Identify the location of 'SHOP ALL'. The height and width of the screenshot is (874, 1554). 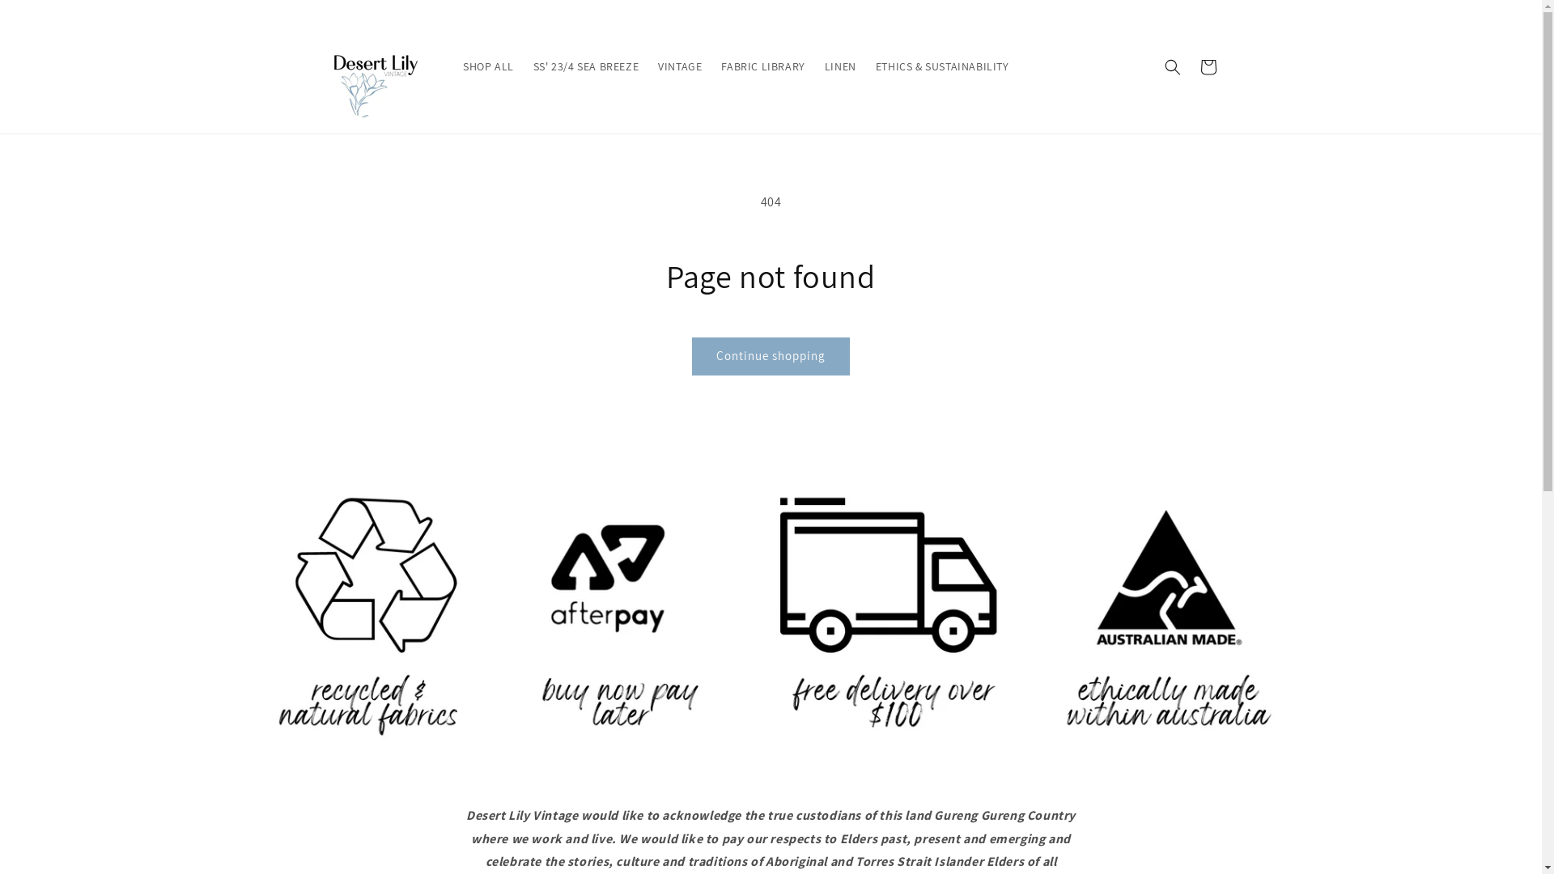
(487, 65).